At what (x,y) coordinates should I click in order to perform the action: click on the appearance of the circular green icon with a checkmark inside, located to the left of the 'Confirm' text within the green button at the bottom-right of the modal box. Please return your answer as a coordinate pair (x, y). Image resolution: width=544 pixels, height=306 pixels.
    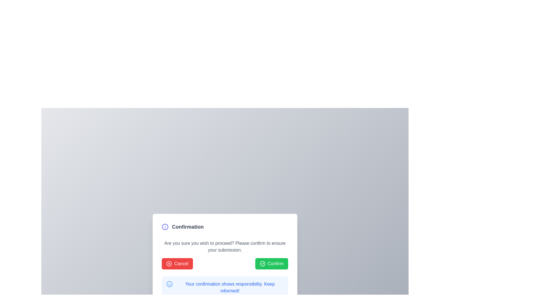
    Looking at the image, I should click on (262, 263).